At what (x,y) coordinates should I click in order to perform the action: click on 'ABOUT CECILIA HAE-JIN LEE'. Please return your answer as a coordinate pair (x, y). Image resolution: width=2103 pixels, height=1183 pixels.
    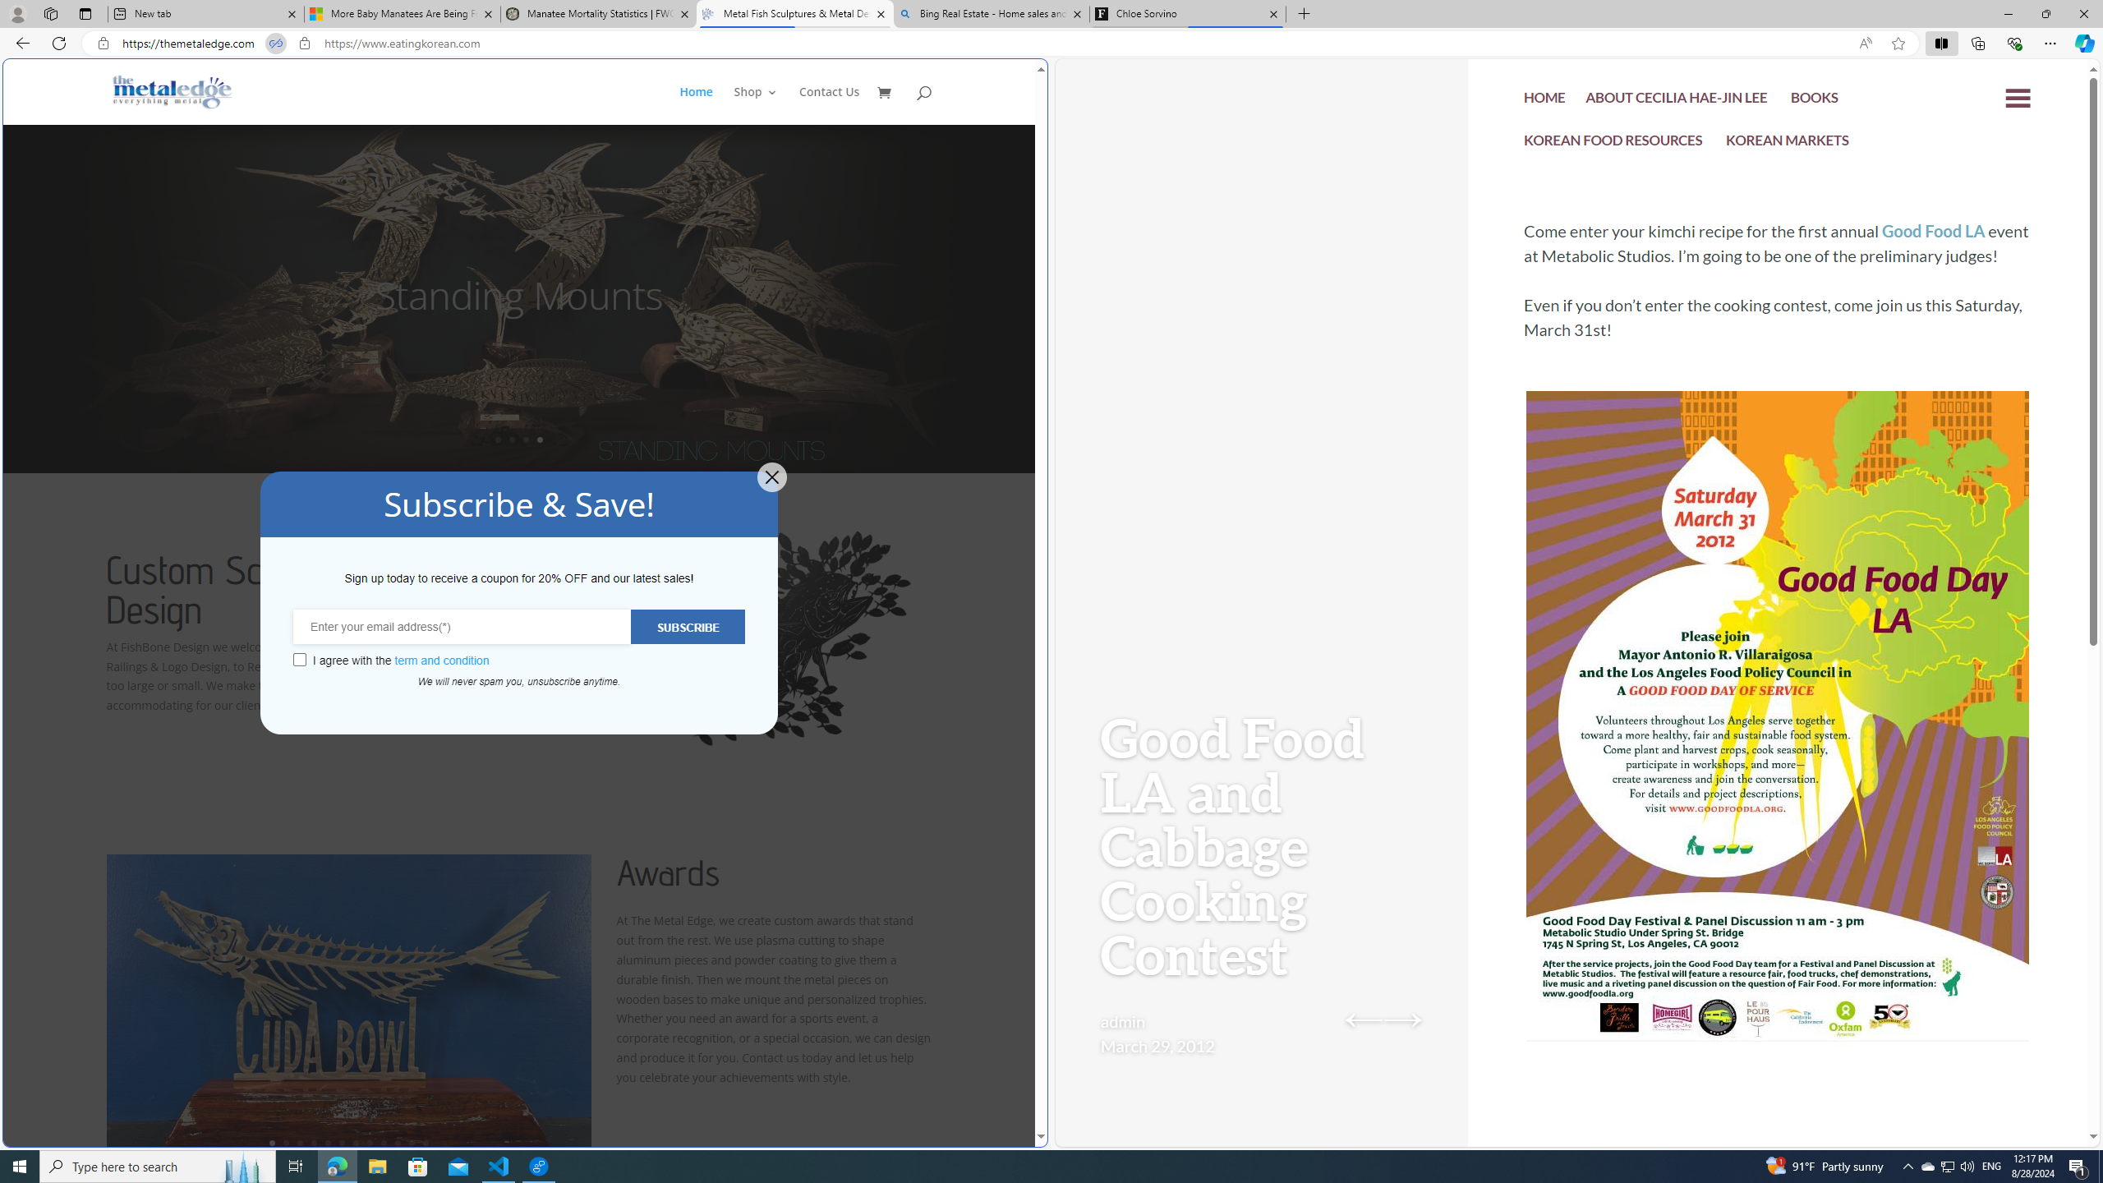
    Looking at the image, I should click on (1677, 100).